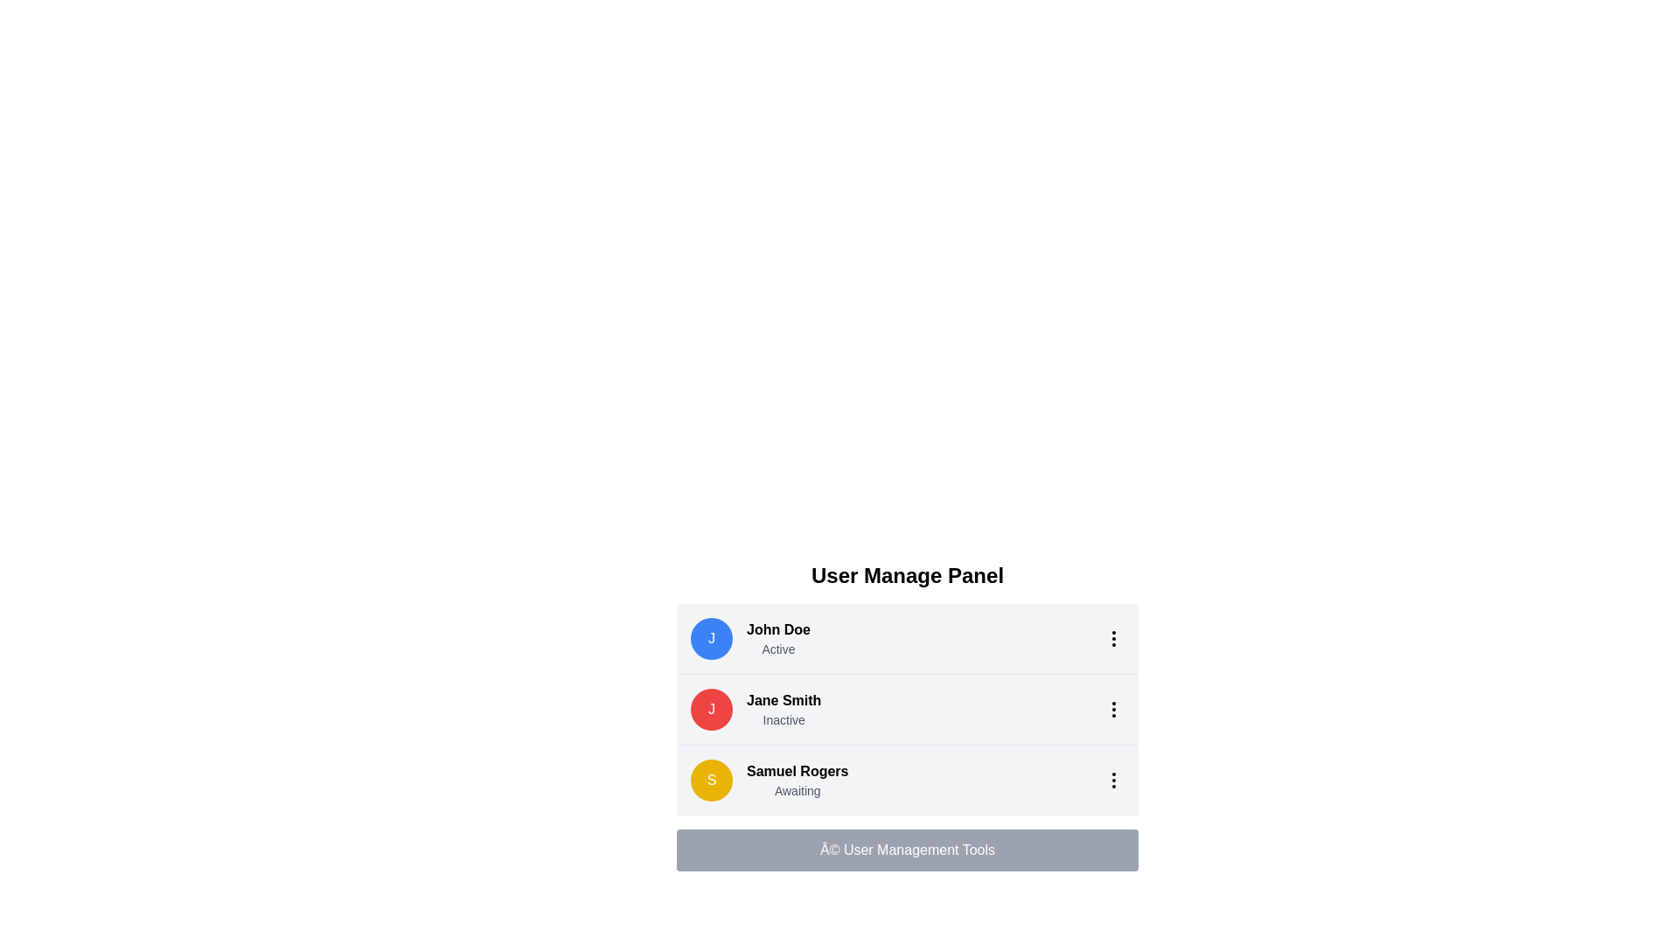  I want to click on the Text Display showing 'John Doe' with status 'Active' in the first user profile entry of the list, so click(777, 639).